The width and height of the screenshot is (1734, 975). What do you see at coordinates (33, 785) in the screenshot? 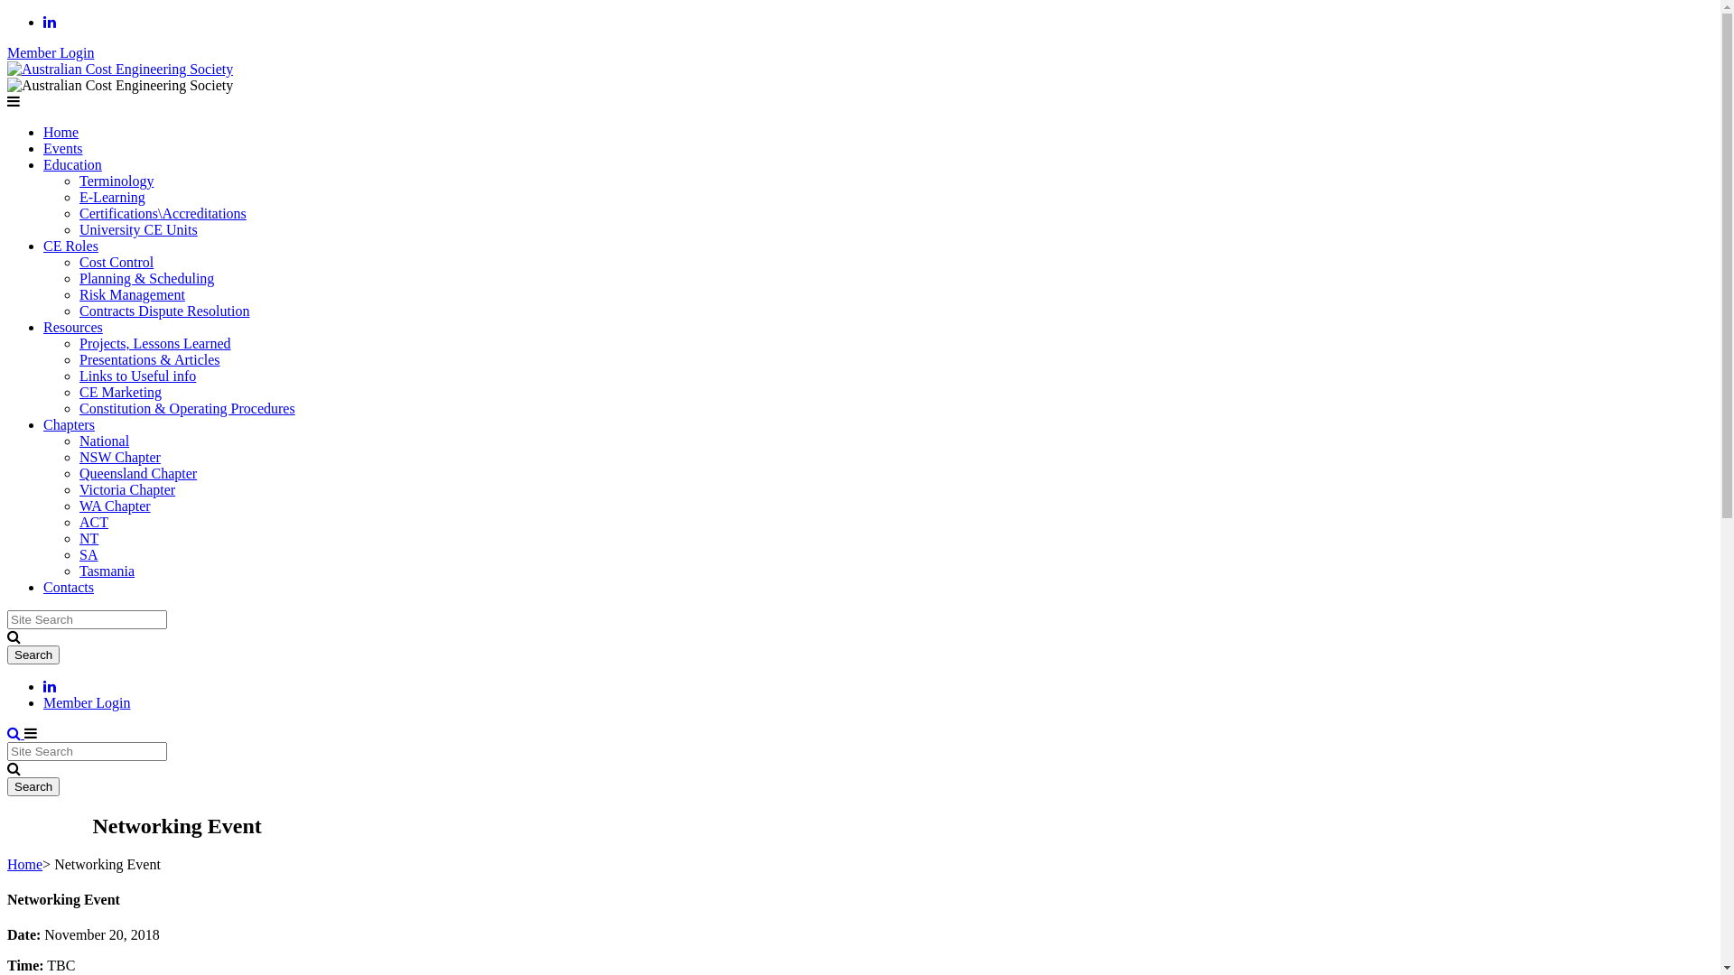
I see `'Search'` at bounding box center [33, 785].